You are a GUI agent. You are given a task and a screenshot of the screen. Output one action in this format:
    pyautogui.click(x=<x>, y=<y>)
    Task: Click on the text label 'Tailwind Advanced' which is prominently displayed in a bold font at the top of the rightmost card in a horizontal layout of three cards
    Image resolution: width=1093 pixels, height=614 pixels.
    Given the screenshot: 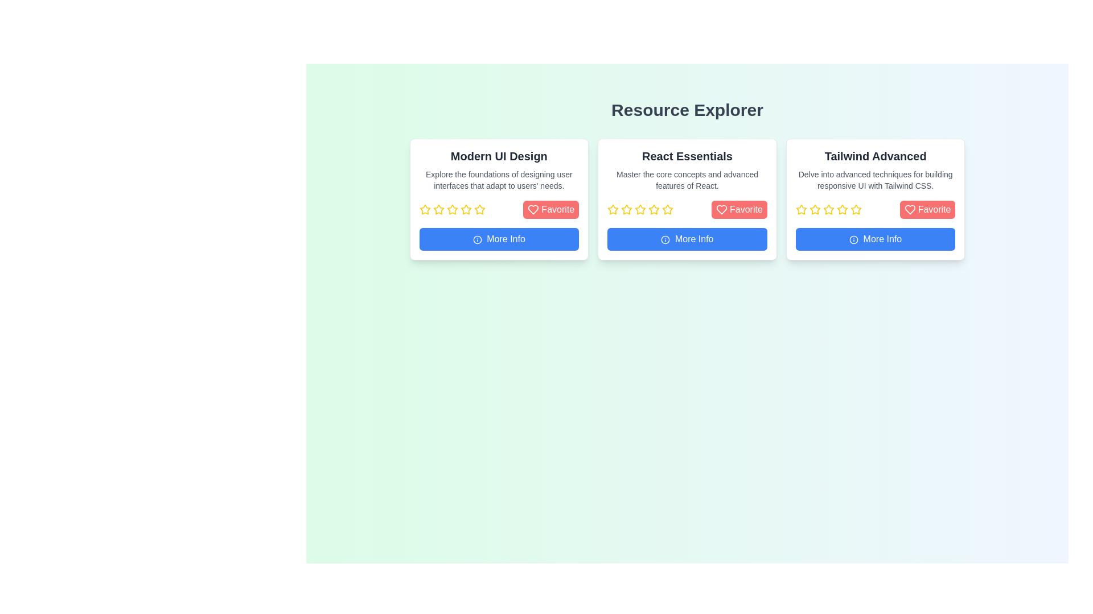 What is the action you would take?
    pyautogui.click(x=875, y=156)
    